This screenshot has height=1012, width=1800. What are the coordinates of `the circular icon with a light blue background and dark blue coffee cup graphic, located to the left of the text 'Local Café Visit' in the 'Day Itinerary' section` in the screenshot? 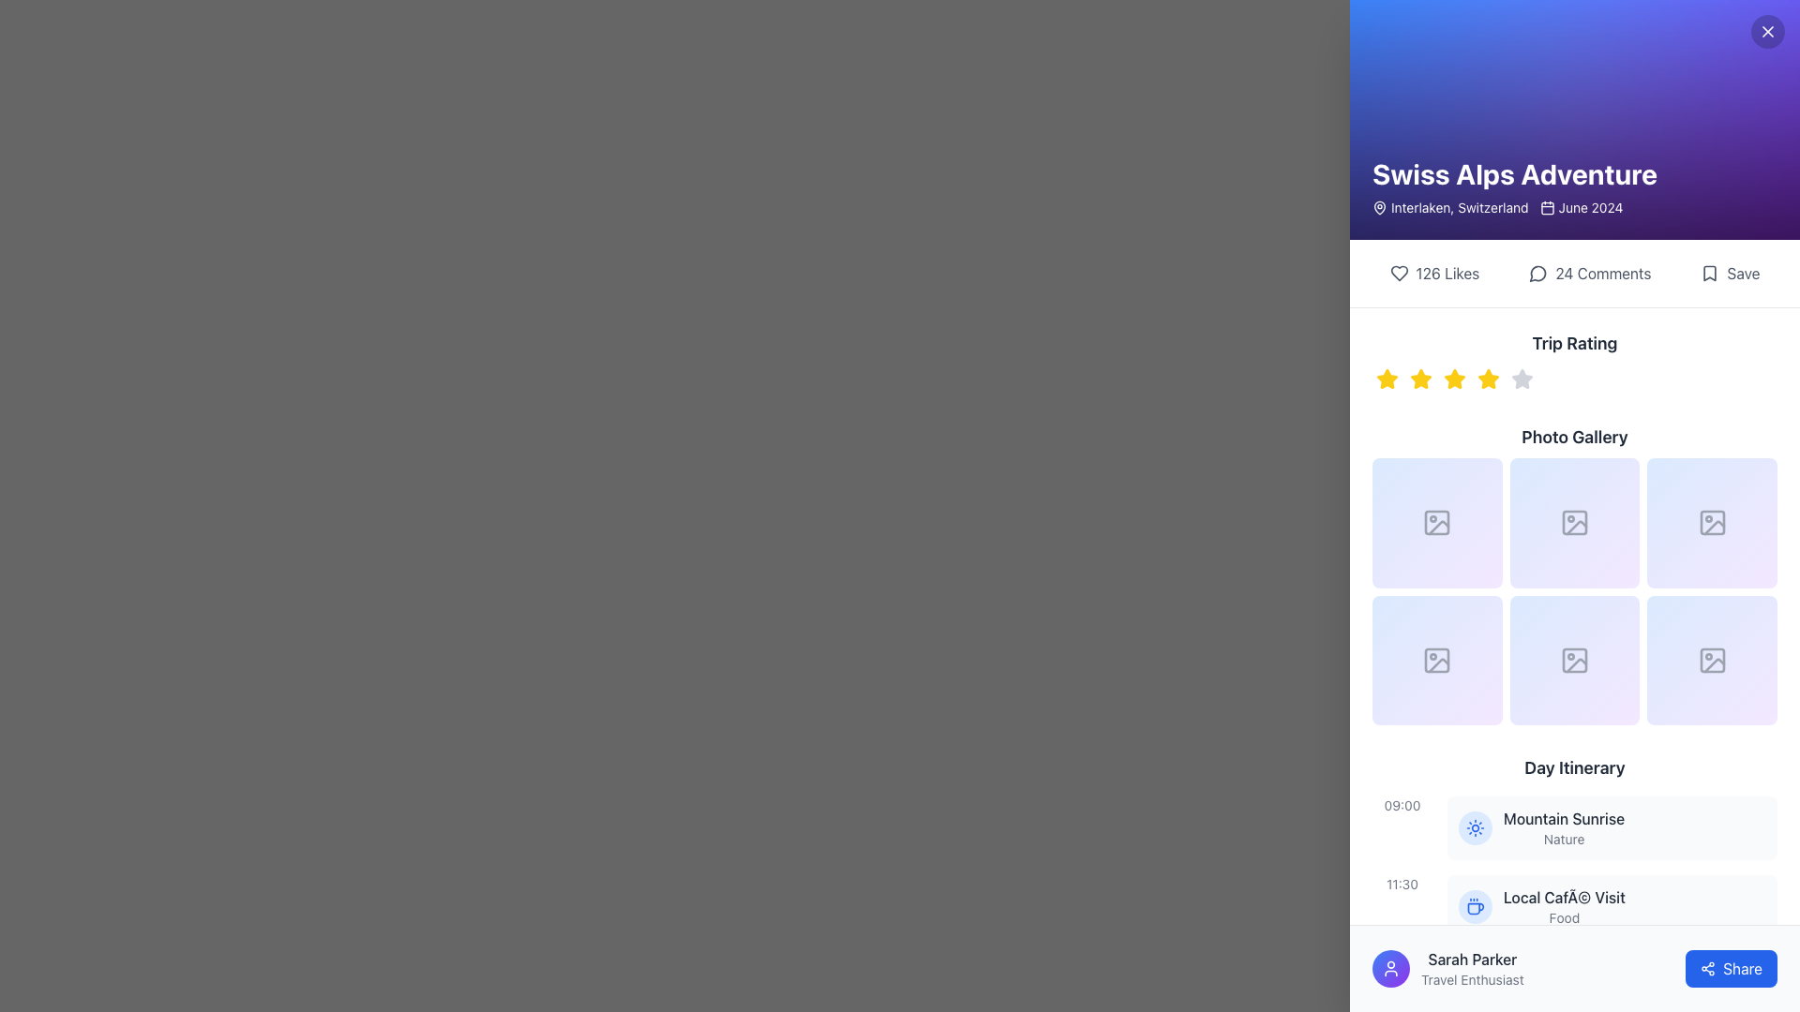 It's located at (1475, 906).